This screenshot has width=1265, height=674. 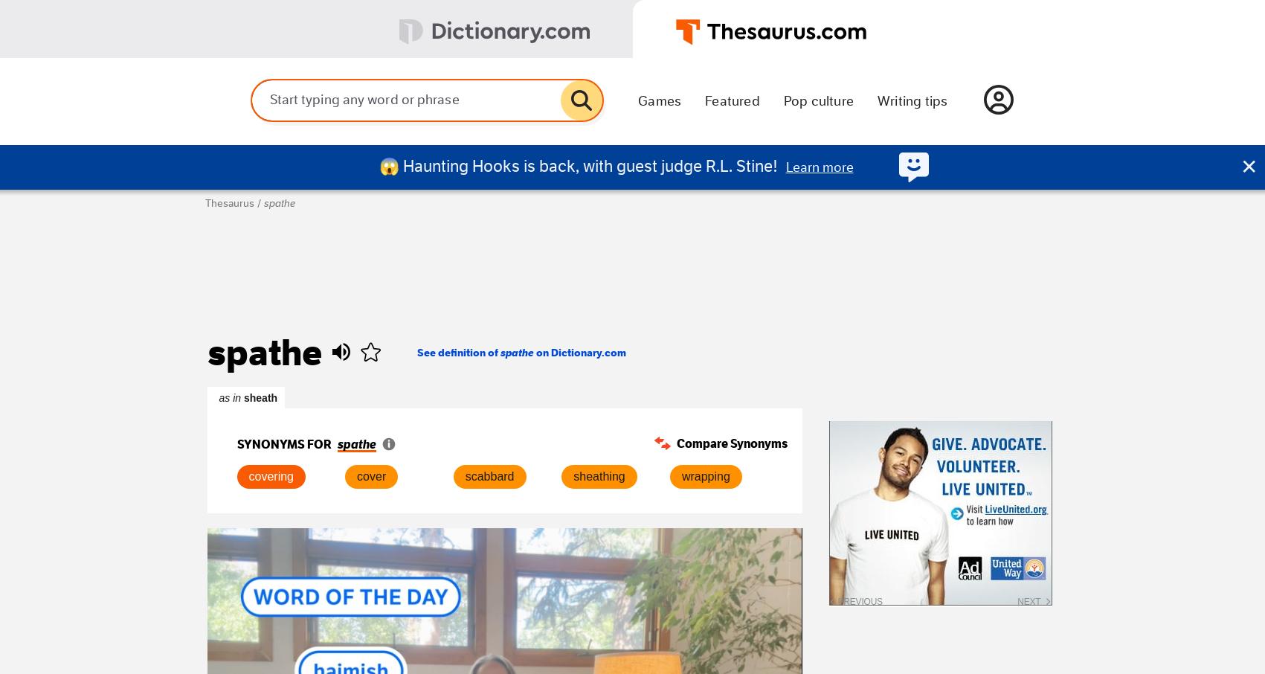 I want to click on 'carambola', so click(x=784, y=524).